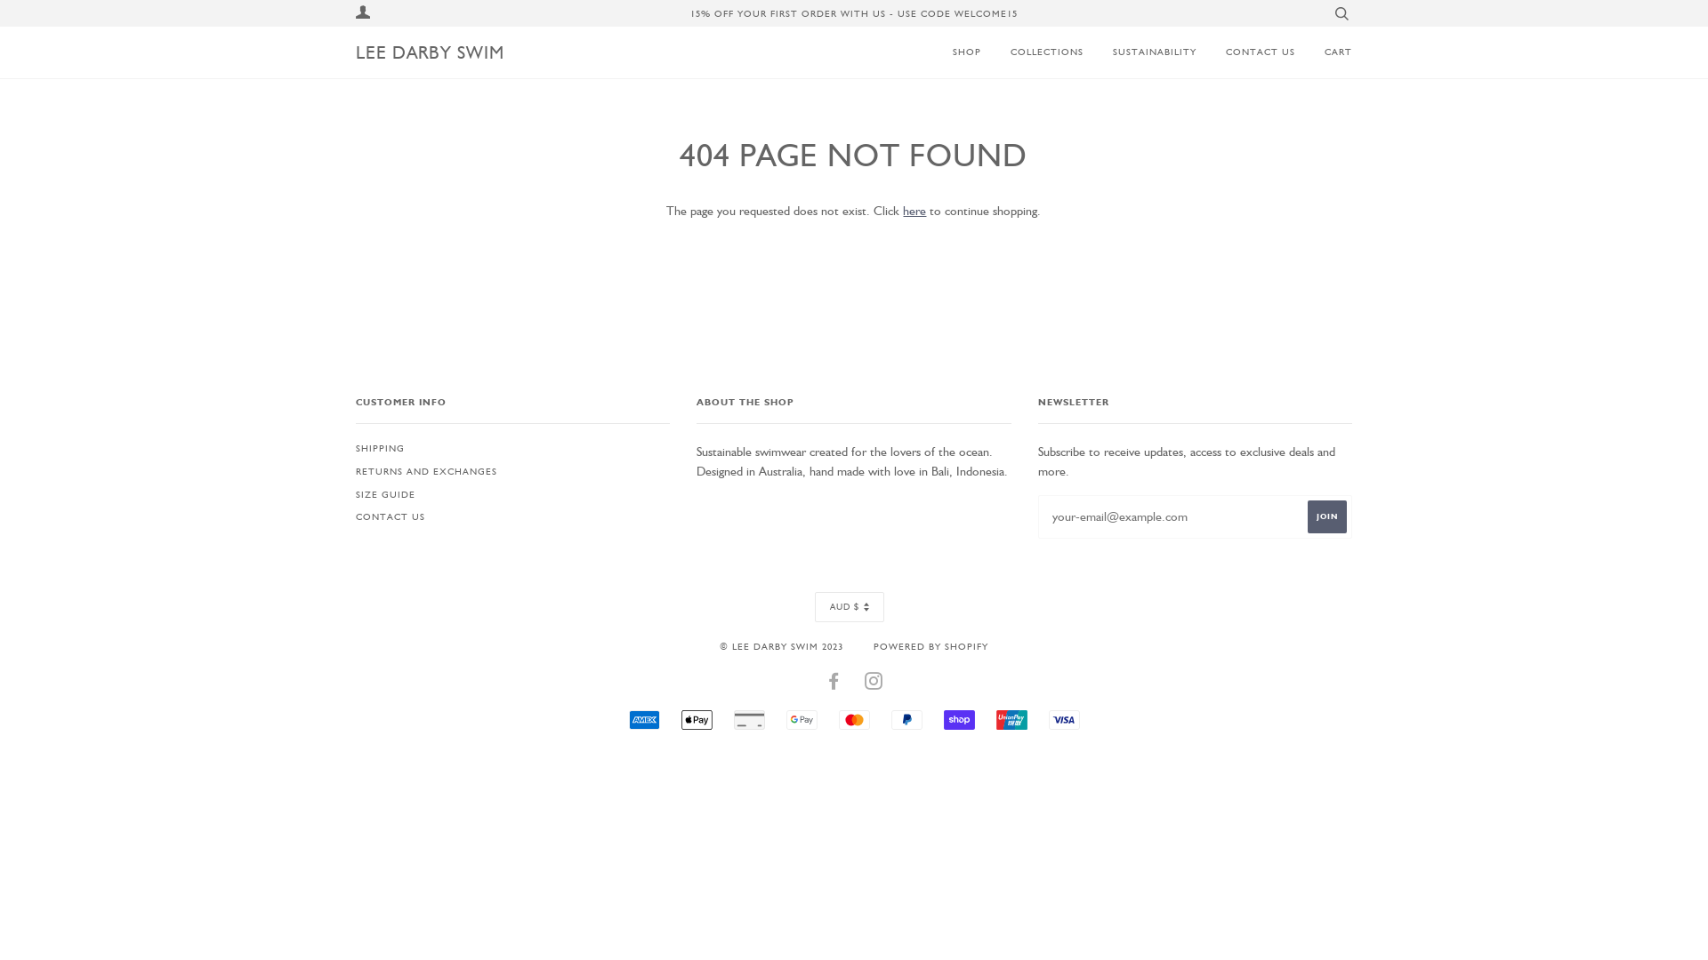 This screenshot has height=960, width=1708. Describe the element at coordinates (1140, 51) in the screenshot. I see `'SUSTAINABILITY'` at that location.